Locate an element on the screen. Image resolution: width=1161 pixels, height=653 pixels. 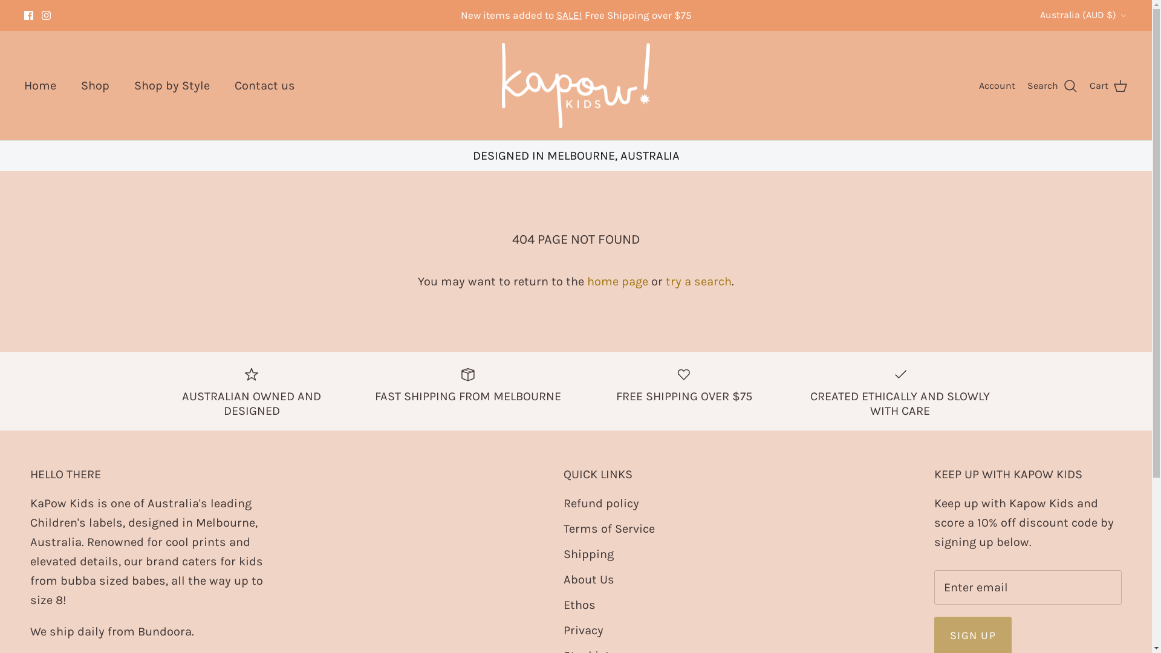
'AUSTRALIAN OWNED AND DESIGNED' is located at coordinates (251, 391).